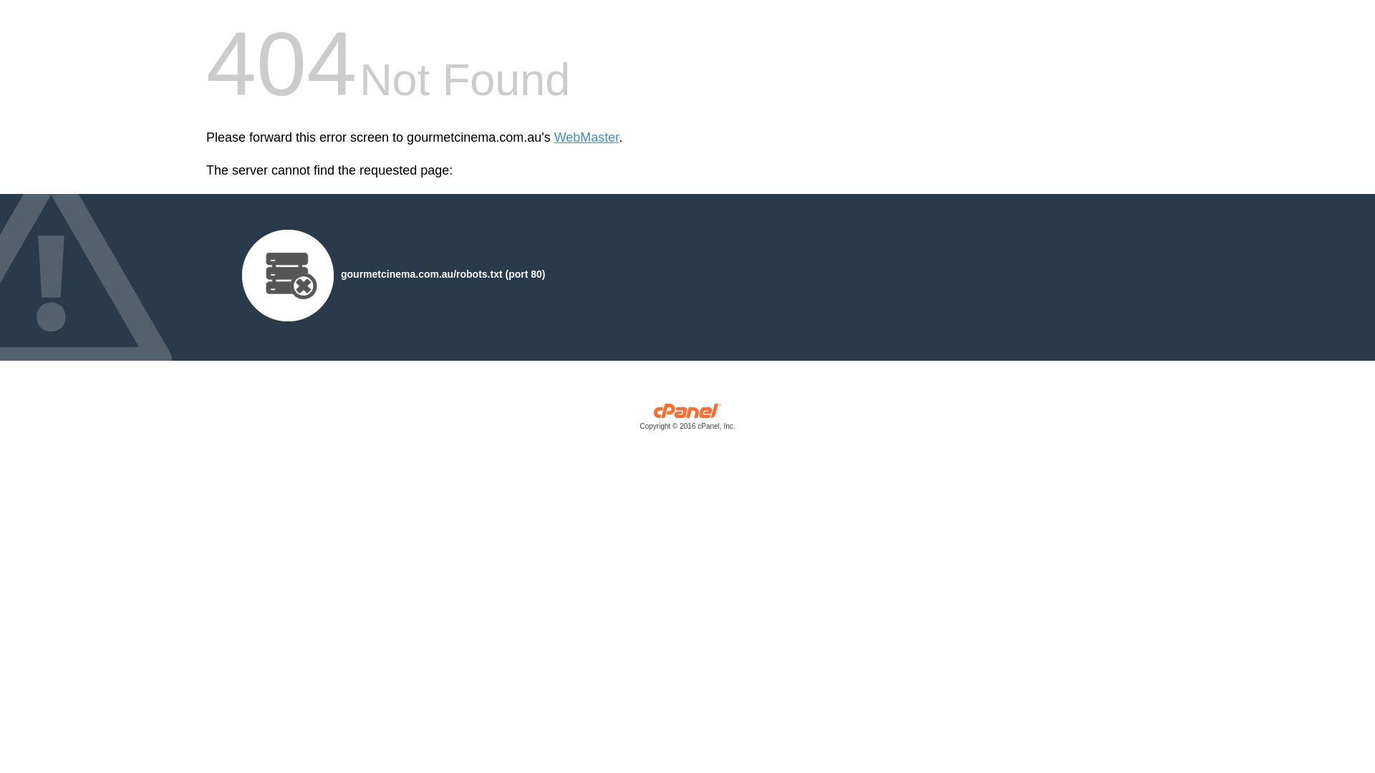 The width and height of the screenshot is (1375, 773). Describe the element at coordinates (553, 137) in the screenshot. I see `'WebMaster'` at that location.